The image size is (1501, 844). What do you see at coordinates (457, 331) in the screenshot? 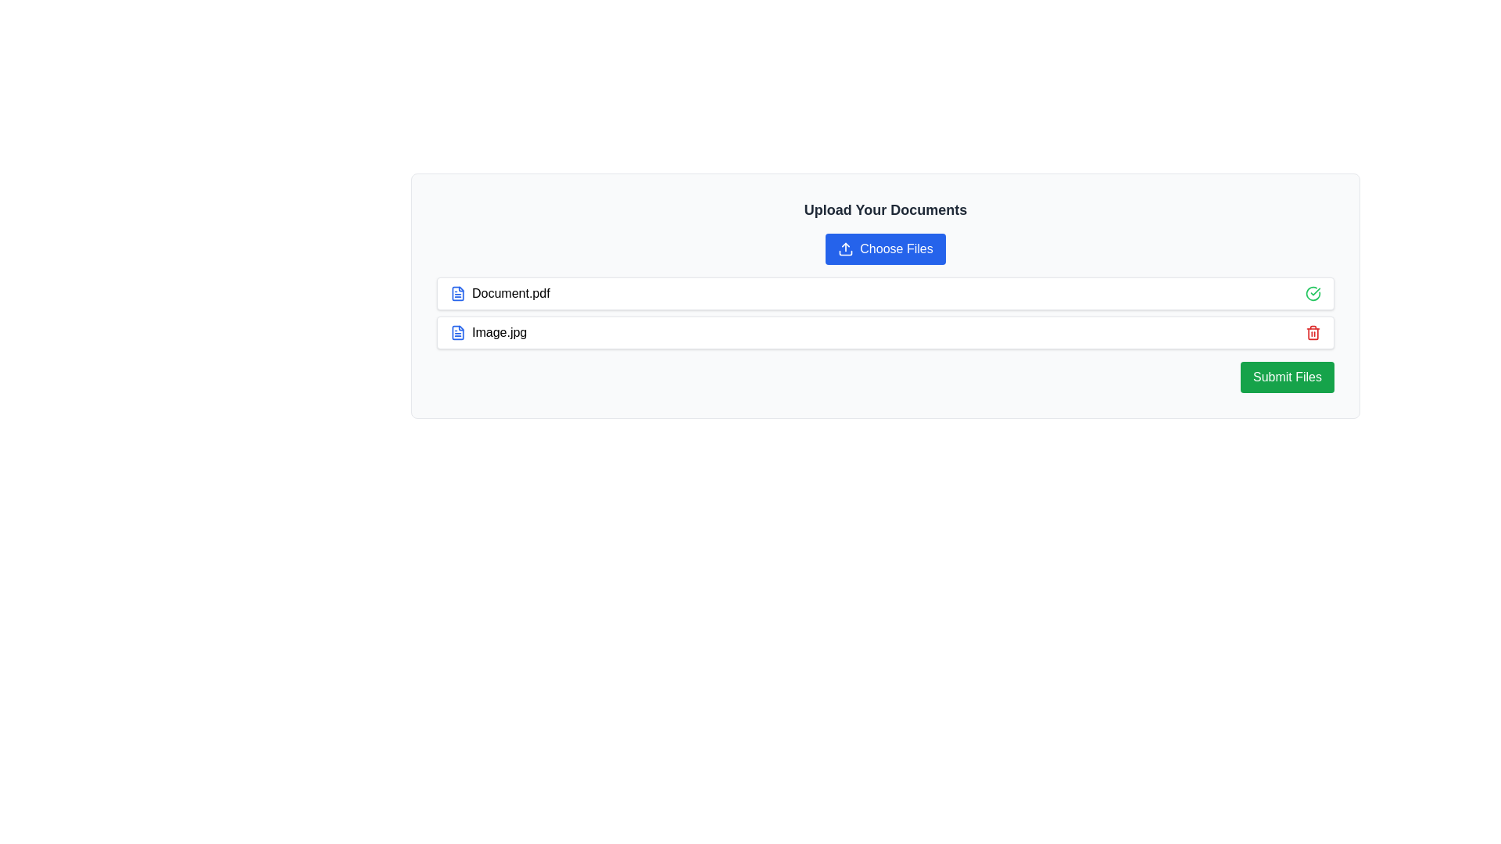
I see `the document icon with a folded corner, which is styled with a thin blue stroke and is part of a document-related symbol set, located towards the middle-right of the user interface` at bounding box center [457, 331].